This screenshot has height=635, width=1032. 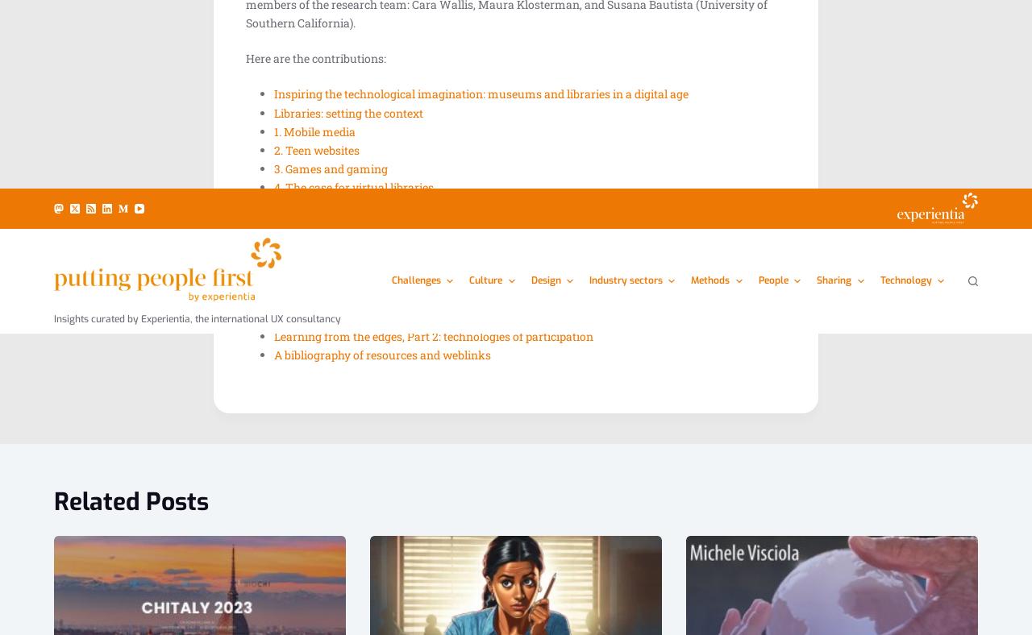 I want to click on 'One comment', so click(x=293, y=34).